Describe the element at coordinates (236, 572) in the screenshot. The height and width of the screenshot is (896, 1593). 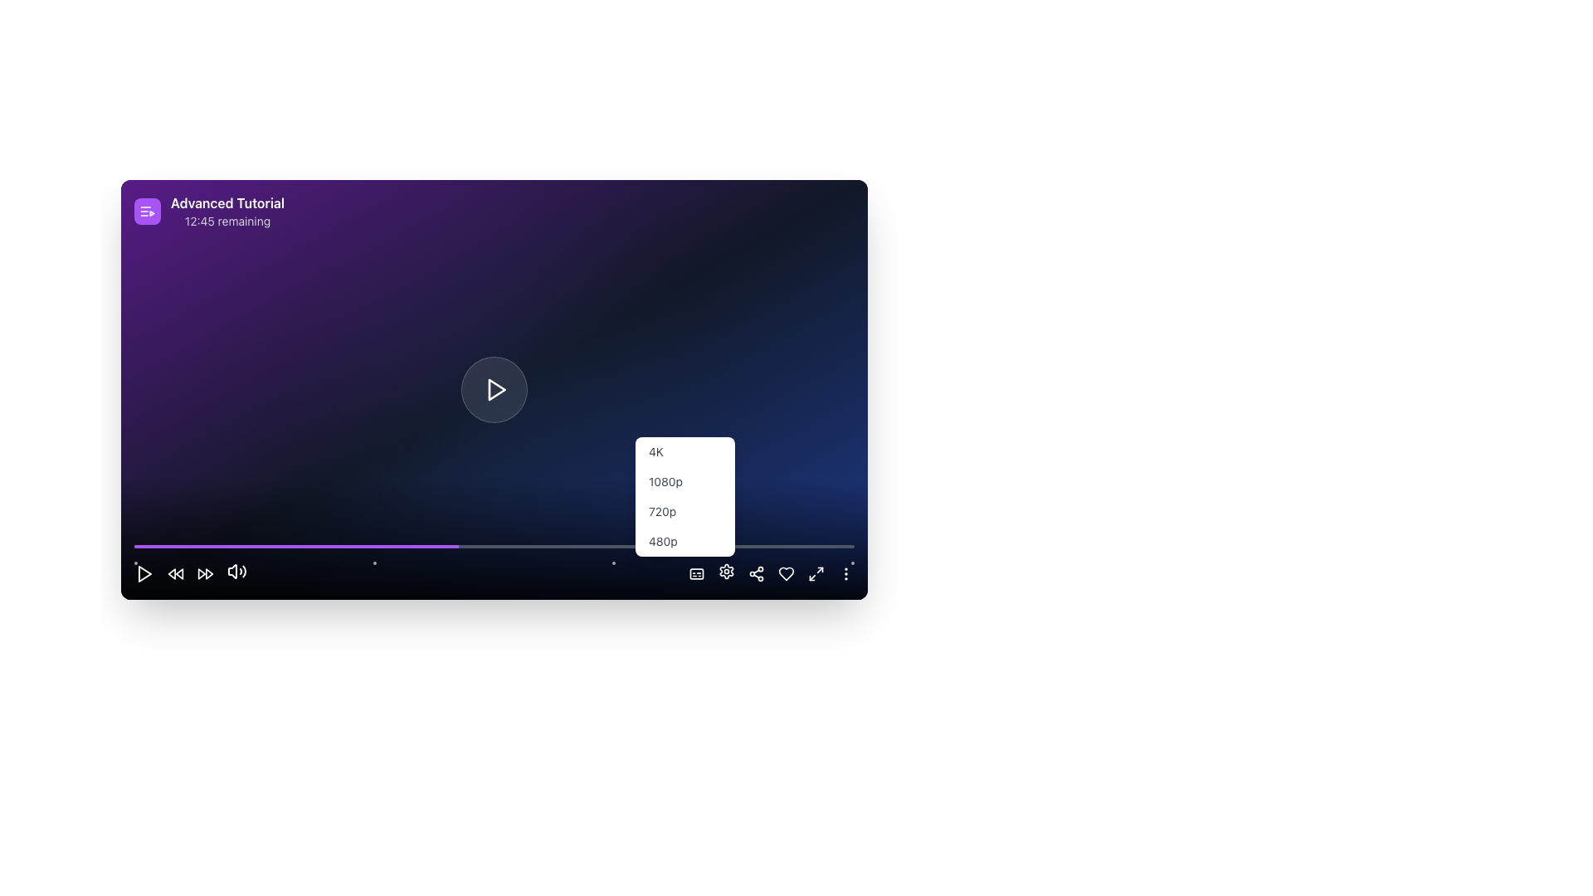
I see `the mute/unmute button located in the fifth position from the left in the bottom control bar of the video player interface` at that location.